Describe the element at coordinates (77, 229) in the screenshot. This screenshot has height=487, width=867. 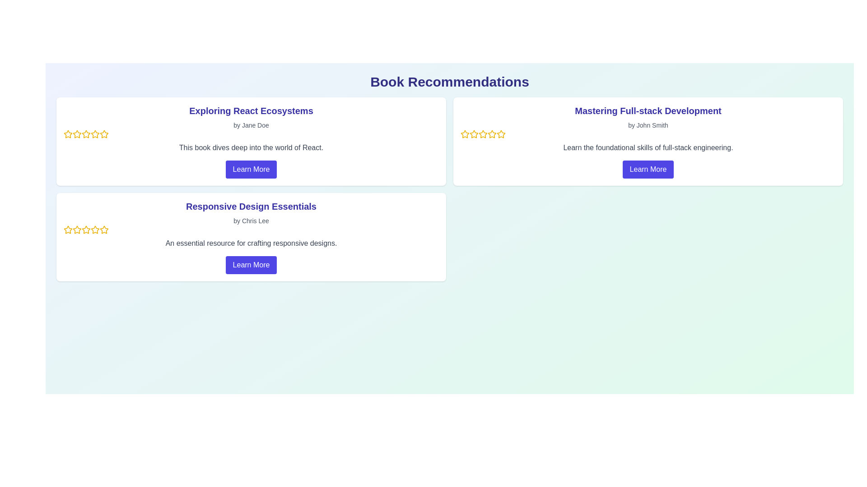
I see `the second yellow star graphic in the rating scale of the 'Responsive Design Essentials' card` at that location.